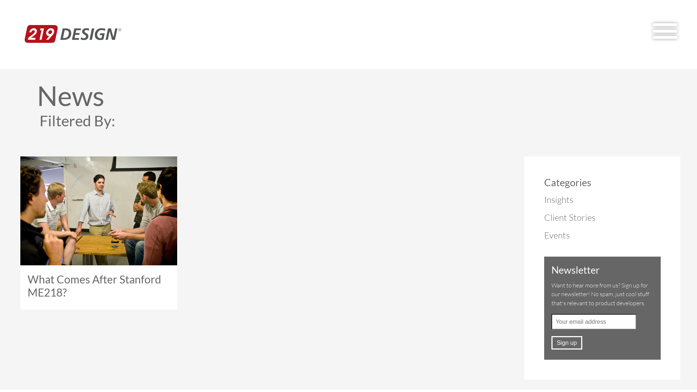  What do you see at coordinates (557, 235) in the screenshot?
I see `'Events'` at bounding box center [557, 235].